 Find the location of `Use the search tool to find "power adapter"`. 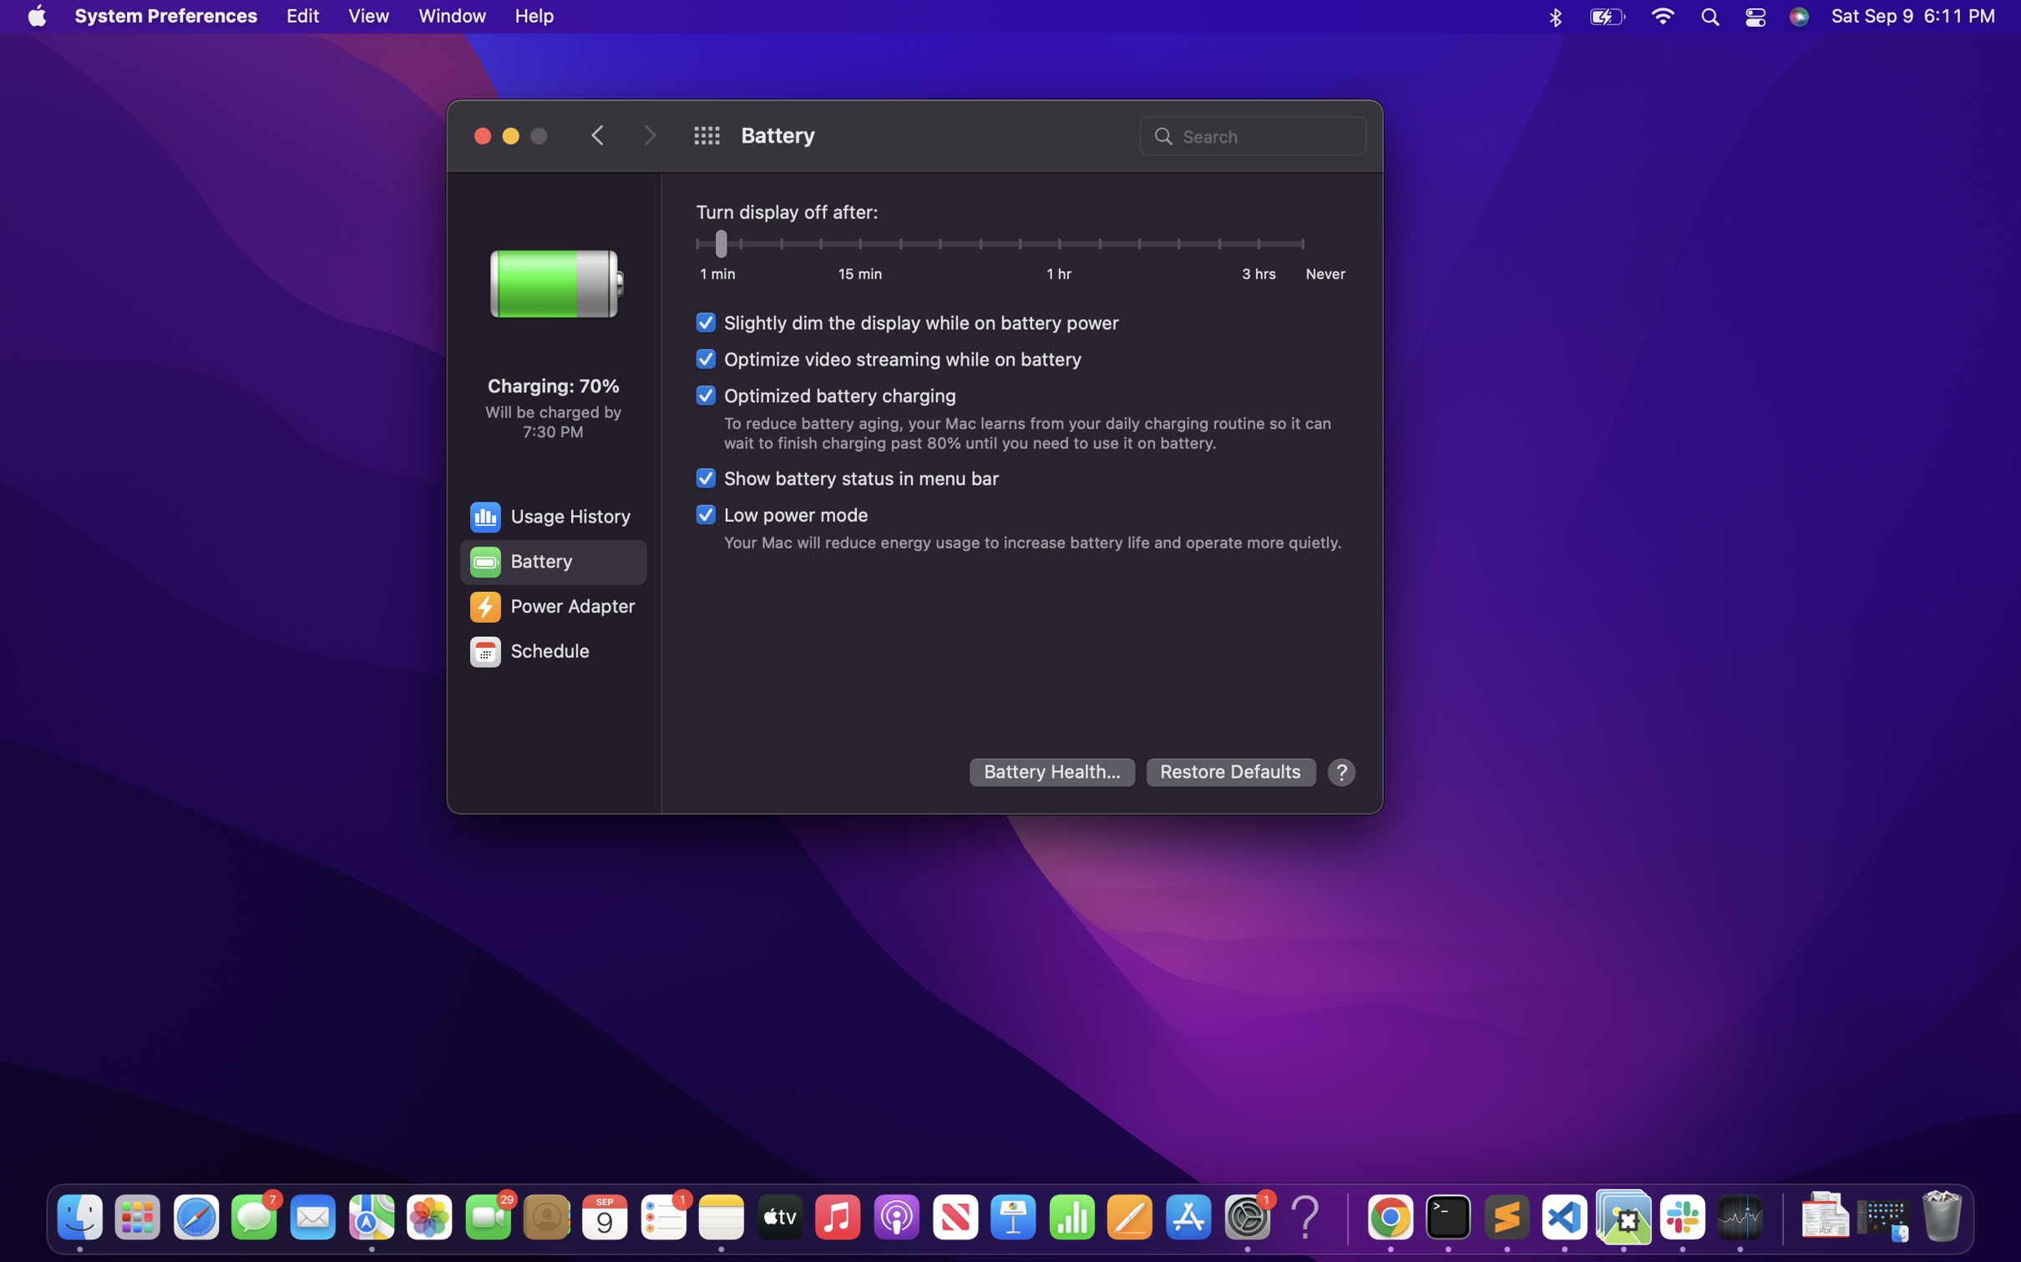

Use the search tool to find "power adapter" is located at coordinates (1250, 134).